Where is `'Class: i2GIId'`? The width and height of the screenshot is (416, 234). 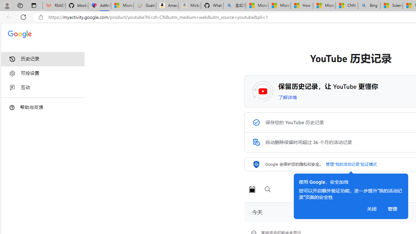 'Class: i2GIId' is located at coordinates (12, 88).